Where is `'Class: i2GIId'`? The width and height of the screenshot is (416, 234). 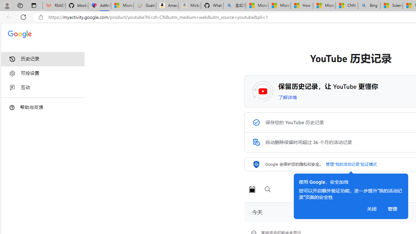 'Class: i2GIId' is located at coordinates (12, 88).